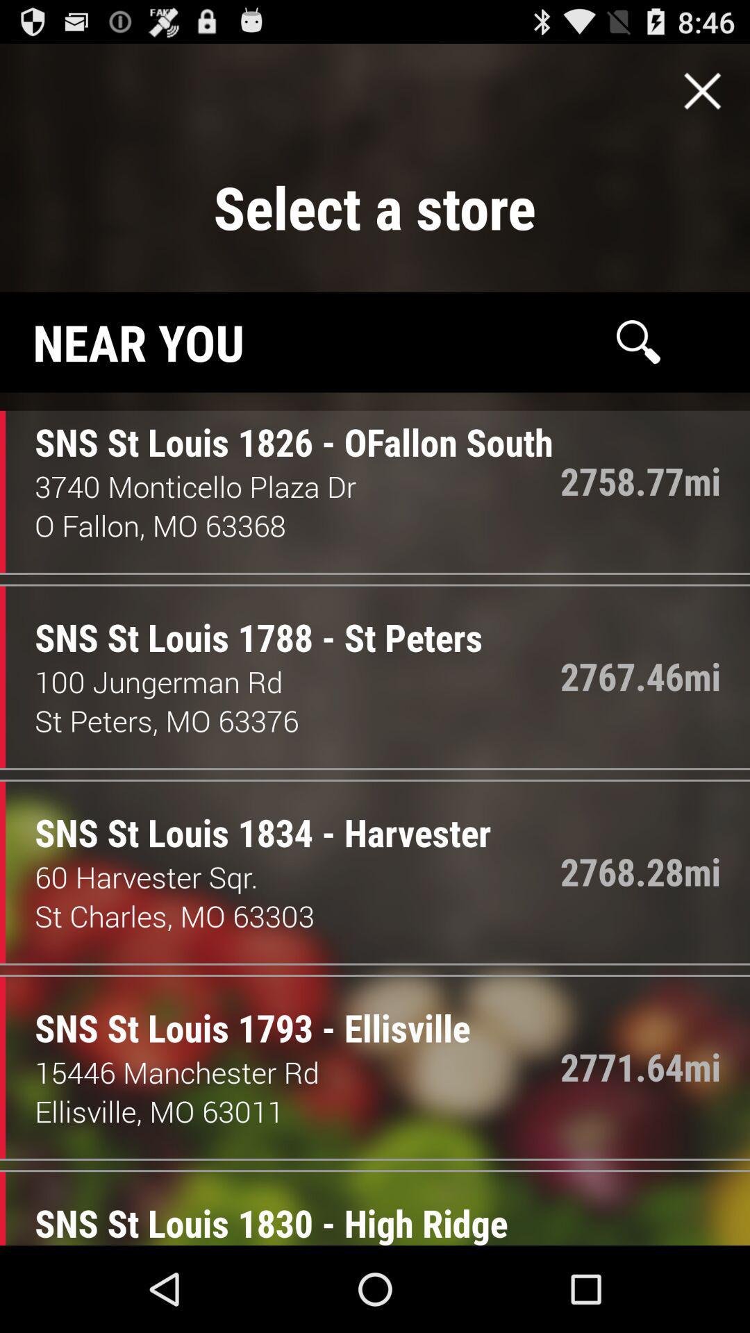 The width and height of the screenshot is (750, 1333). What do you see at coordinates (702, 90) in the screenshot?
I see `into option` at bounding box center [702, 90].